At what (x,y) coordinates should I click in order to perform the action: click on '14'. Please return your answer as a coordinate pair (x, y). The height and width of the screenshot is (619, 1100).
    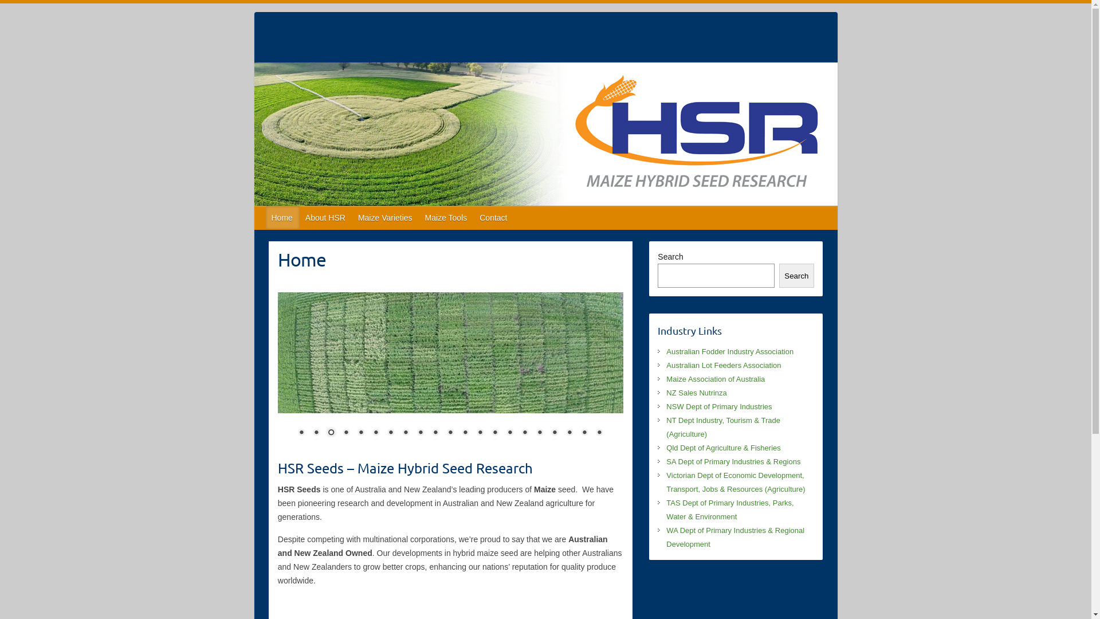
    Looking at the image, I should click on (495, 433).